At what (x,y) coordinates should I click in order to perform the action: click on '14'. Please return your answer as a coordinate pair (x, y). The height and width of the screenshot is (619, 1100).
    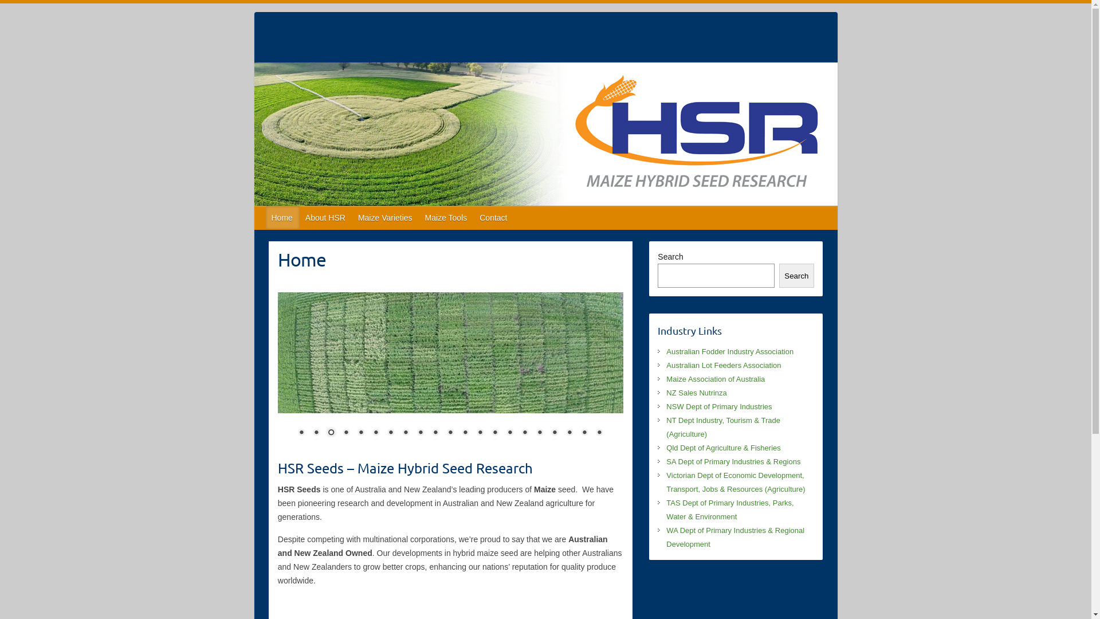
    Looking at the image, I should click on (495, 433).